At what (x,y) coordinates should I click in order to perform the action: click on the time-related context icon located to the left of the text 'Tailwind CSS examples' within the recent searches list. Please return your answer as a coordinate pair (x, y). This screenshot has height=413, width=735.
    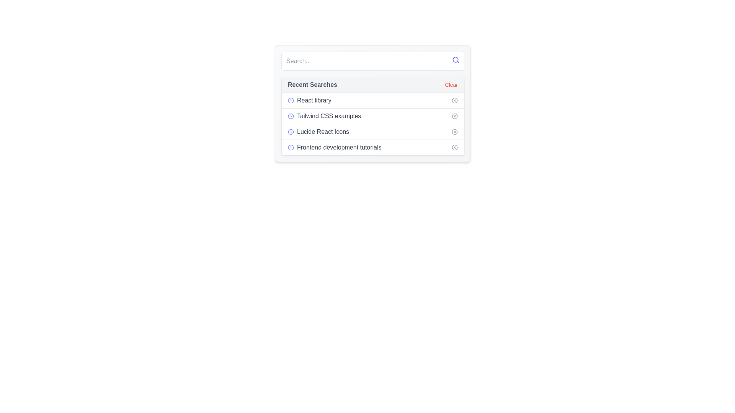
    Looking at the image, I should click on (290, 116).